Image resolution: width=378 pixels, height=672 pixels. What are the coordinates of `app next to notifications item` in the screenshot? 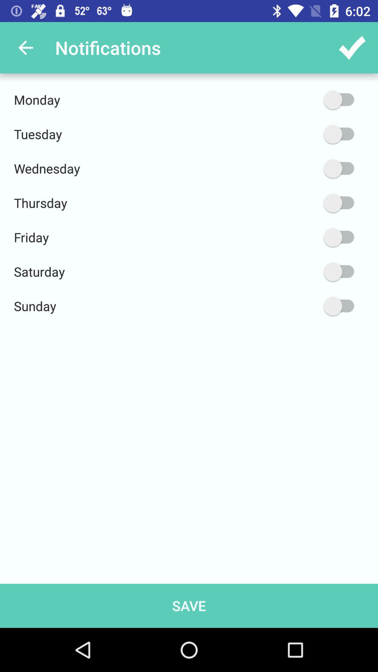 It's located at (25, 47).